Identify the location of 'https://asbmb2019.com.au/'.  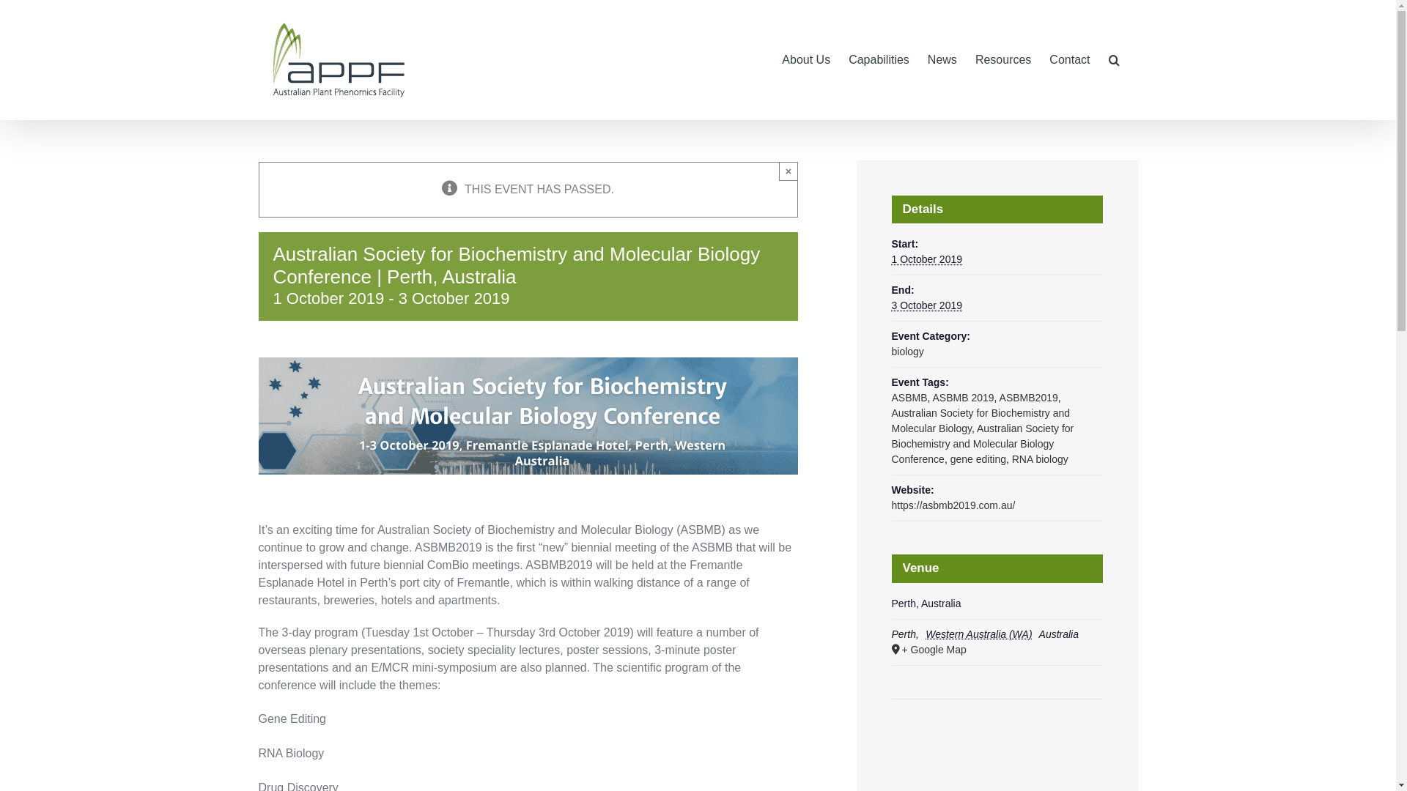
(890, 505).